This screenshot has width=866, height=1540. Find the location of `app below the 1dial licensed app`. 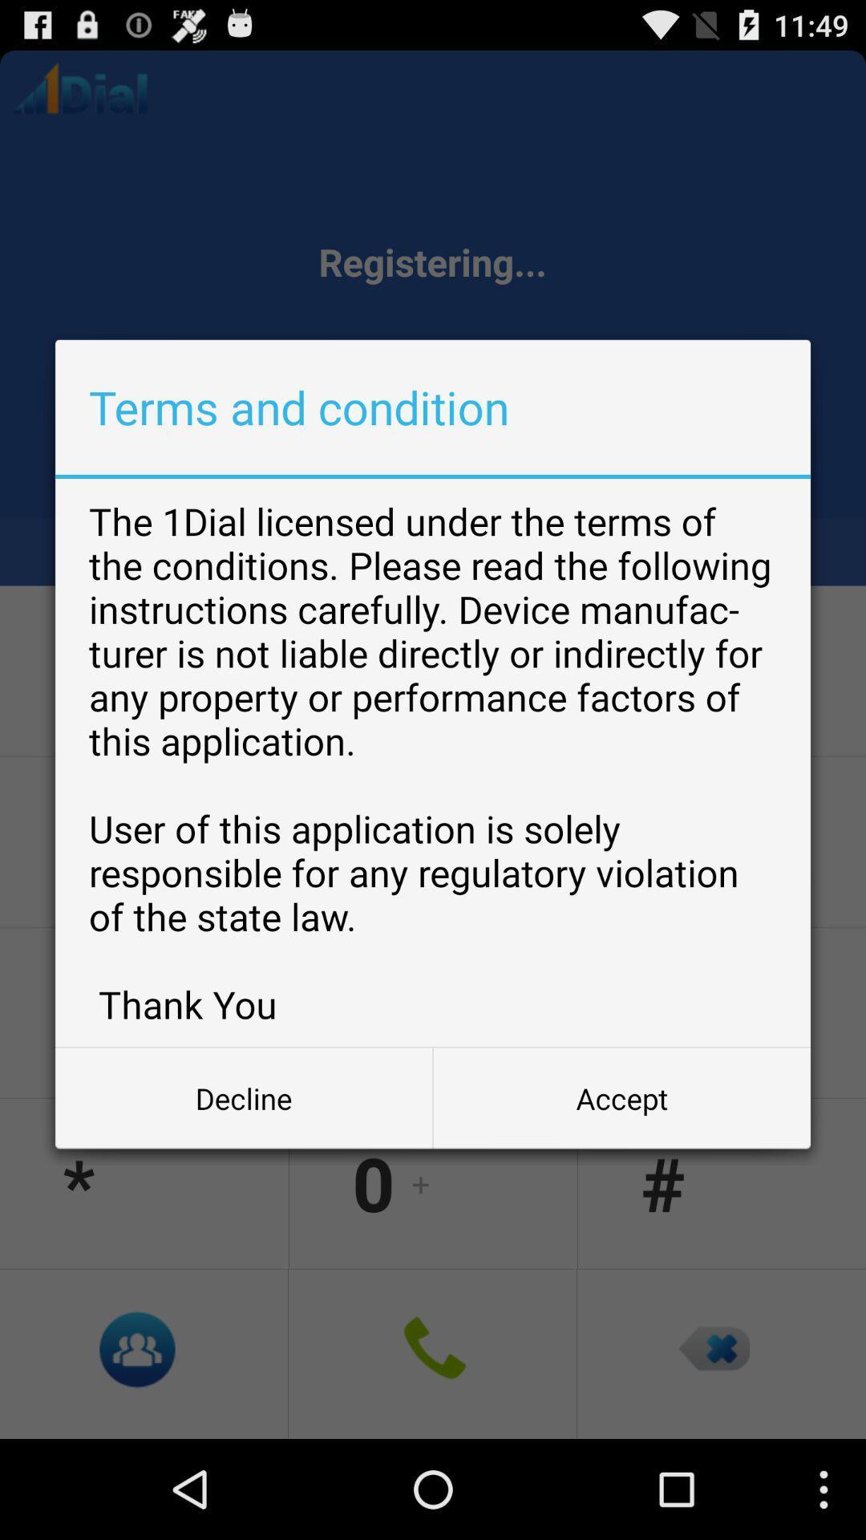

app below the 1dial licensed app is located at coordinates (244, 1097).